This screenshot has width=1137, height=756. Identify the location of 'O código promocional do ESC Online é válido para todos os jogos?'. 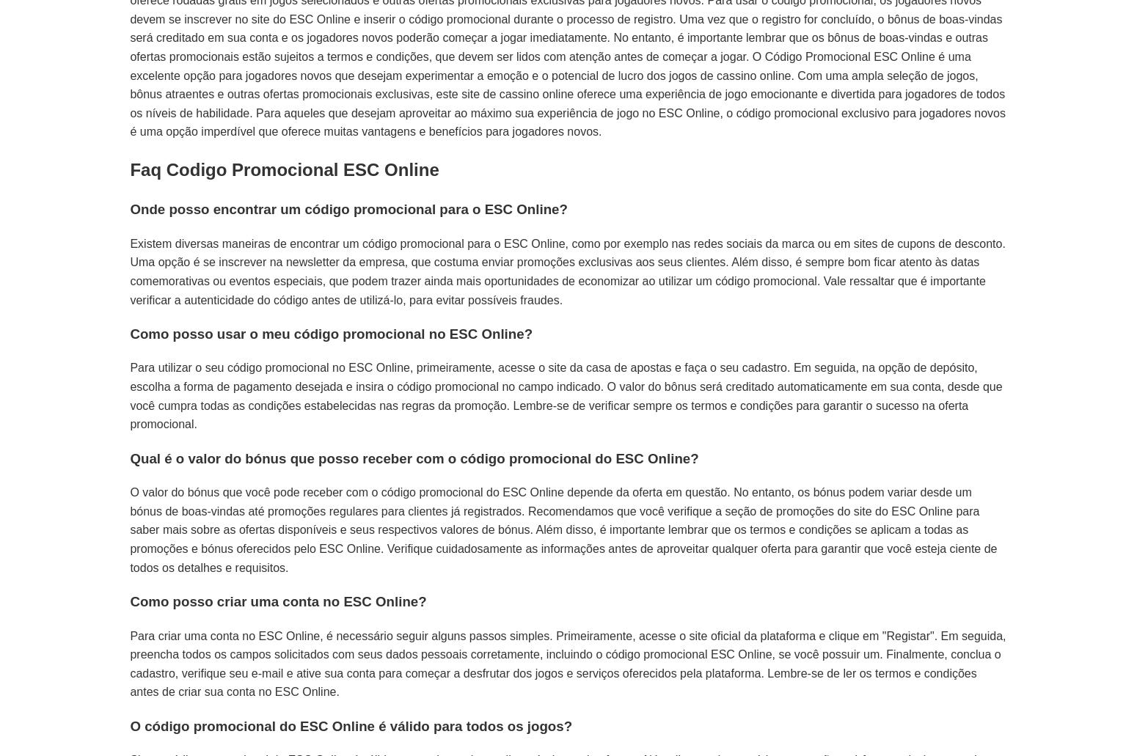
(350, 724).